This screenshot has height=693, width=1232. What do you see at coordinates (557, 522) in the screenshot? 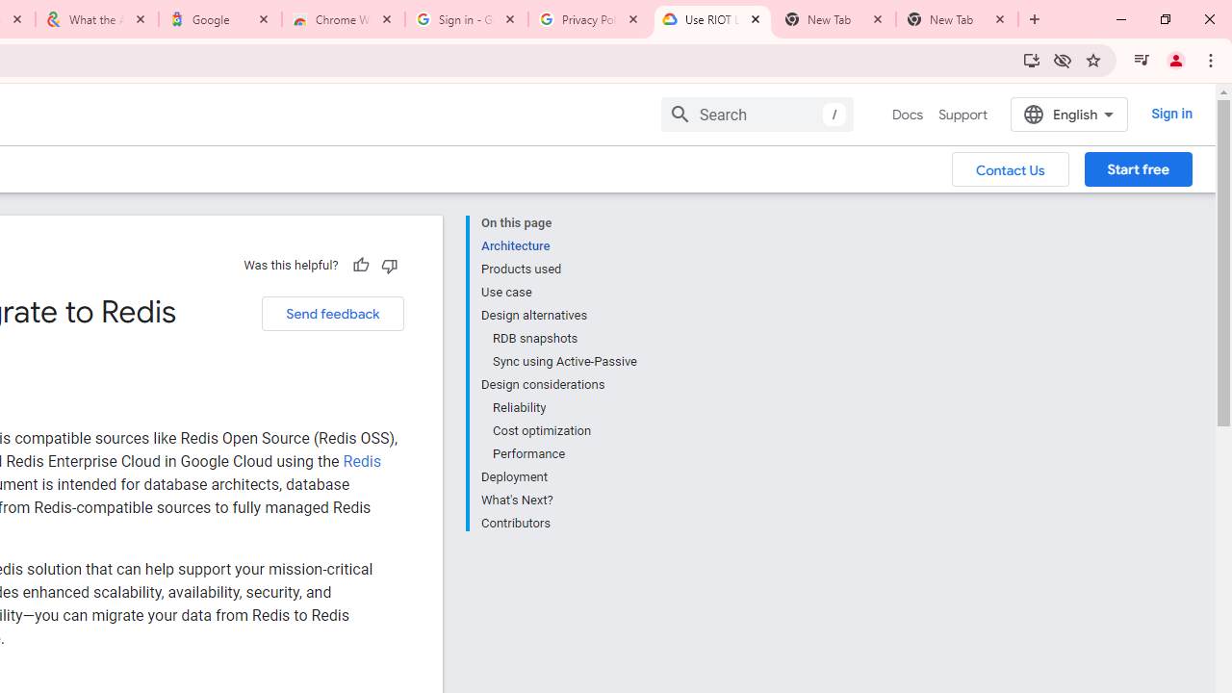
I see `'Contributors'` at bounding box center [557, 522].